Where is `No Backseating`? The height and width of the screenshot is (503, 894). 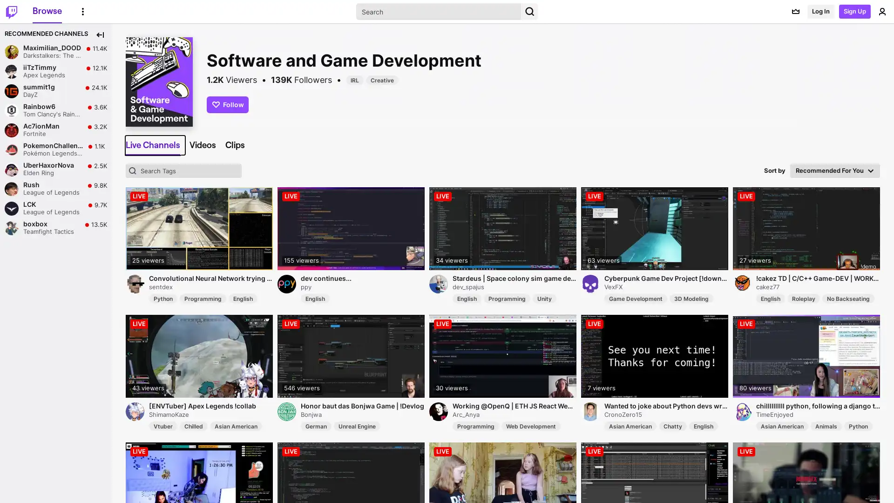 No Backseating is located at coordinates (848, 298).